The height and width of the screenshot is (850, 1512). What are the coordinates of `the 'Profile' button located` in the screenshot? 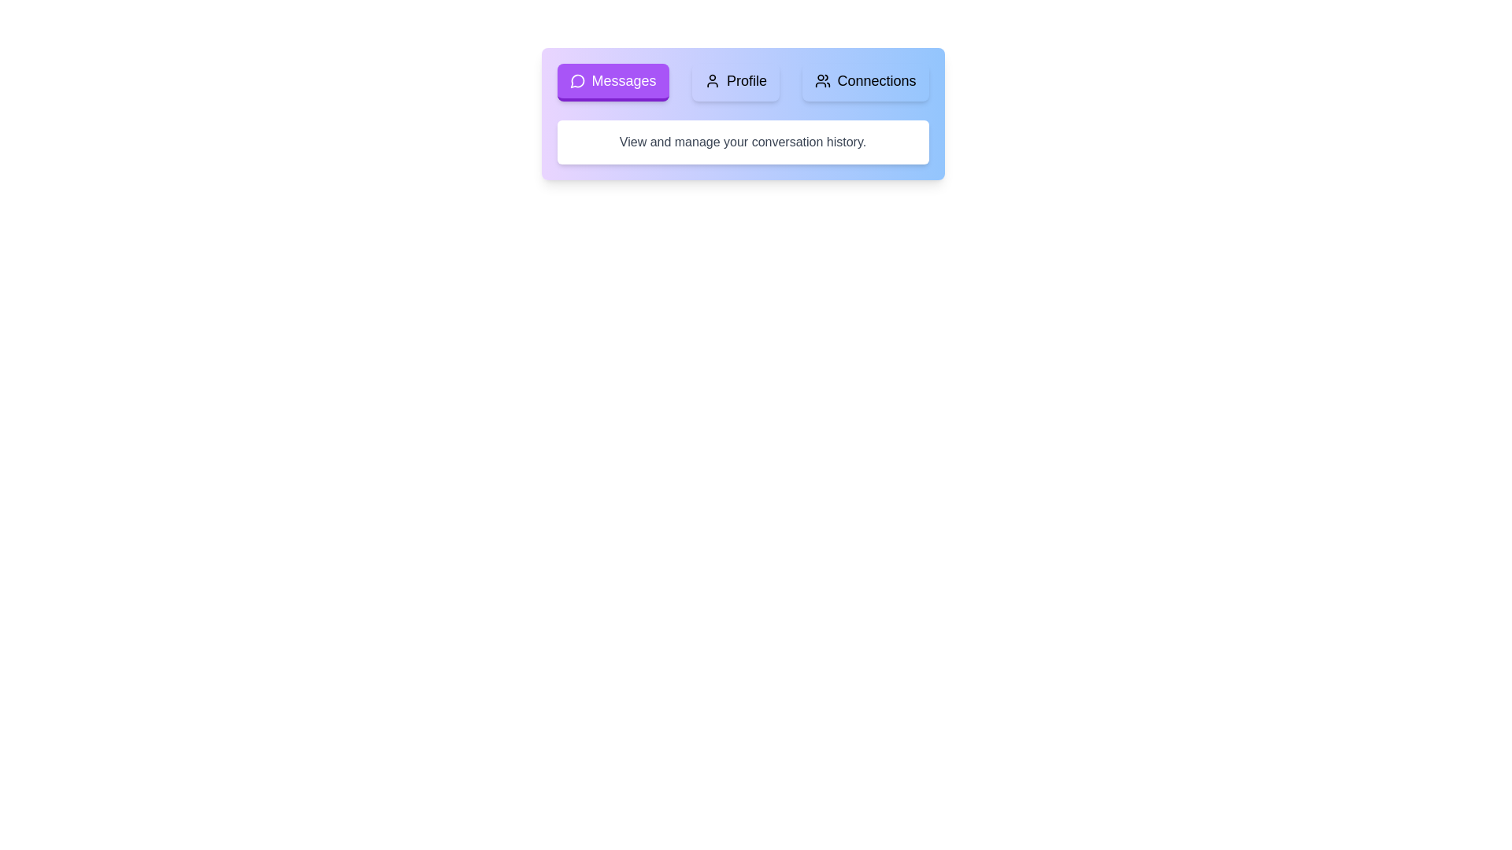 It's located at (735, 82).